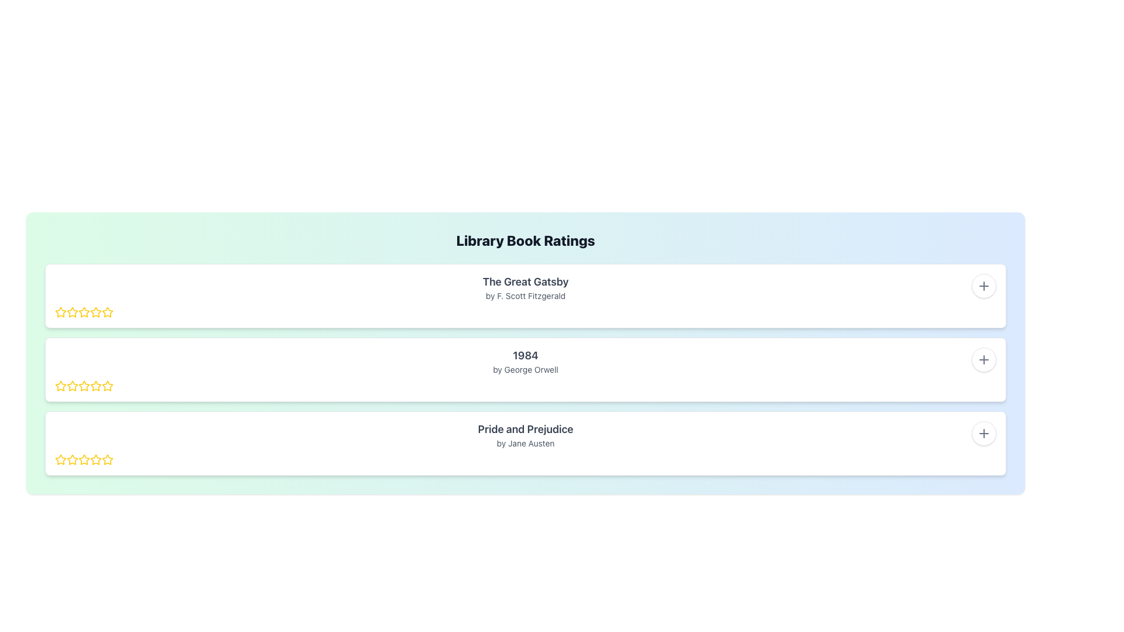 The height and width of the screenshot is (632, 1124). I want to click on the last star icon in the 5-star rating system for the book 'The Great Gatsby', so click(107, 311).